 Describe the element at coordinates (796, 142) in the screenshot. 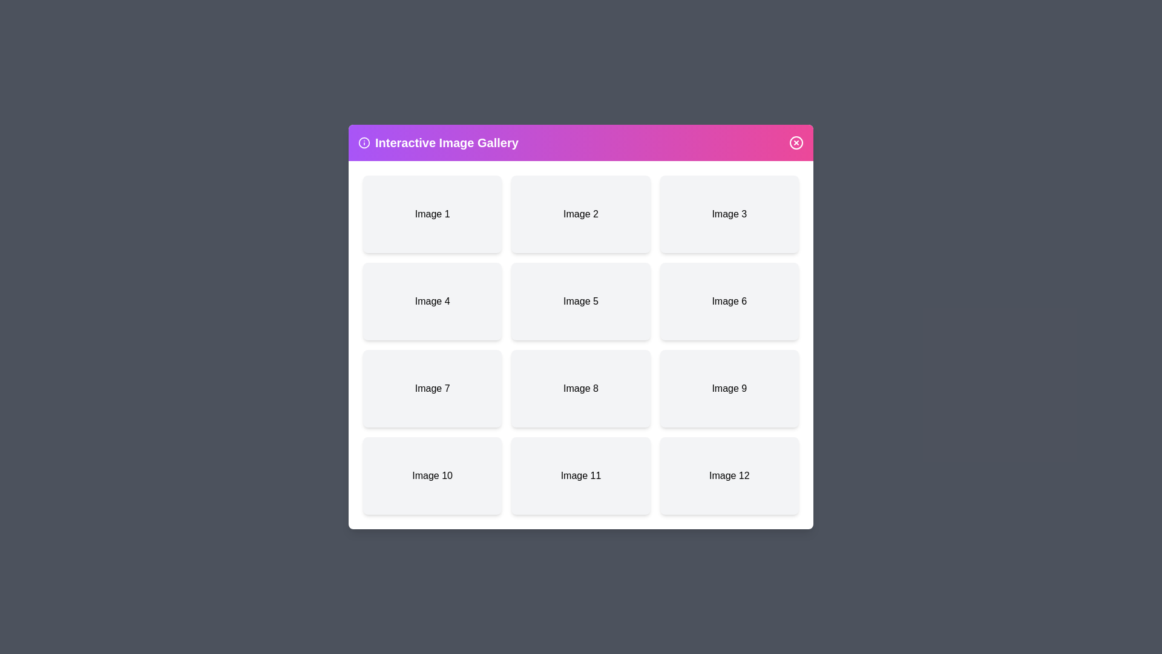

I see `the close button to close the dialog` at that location.